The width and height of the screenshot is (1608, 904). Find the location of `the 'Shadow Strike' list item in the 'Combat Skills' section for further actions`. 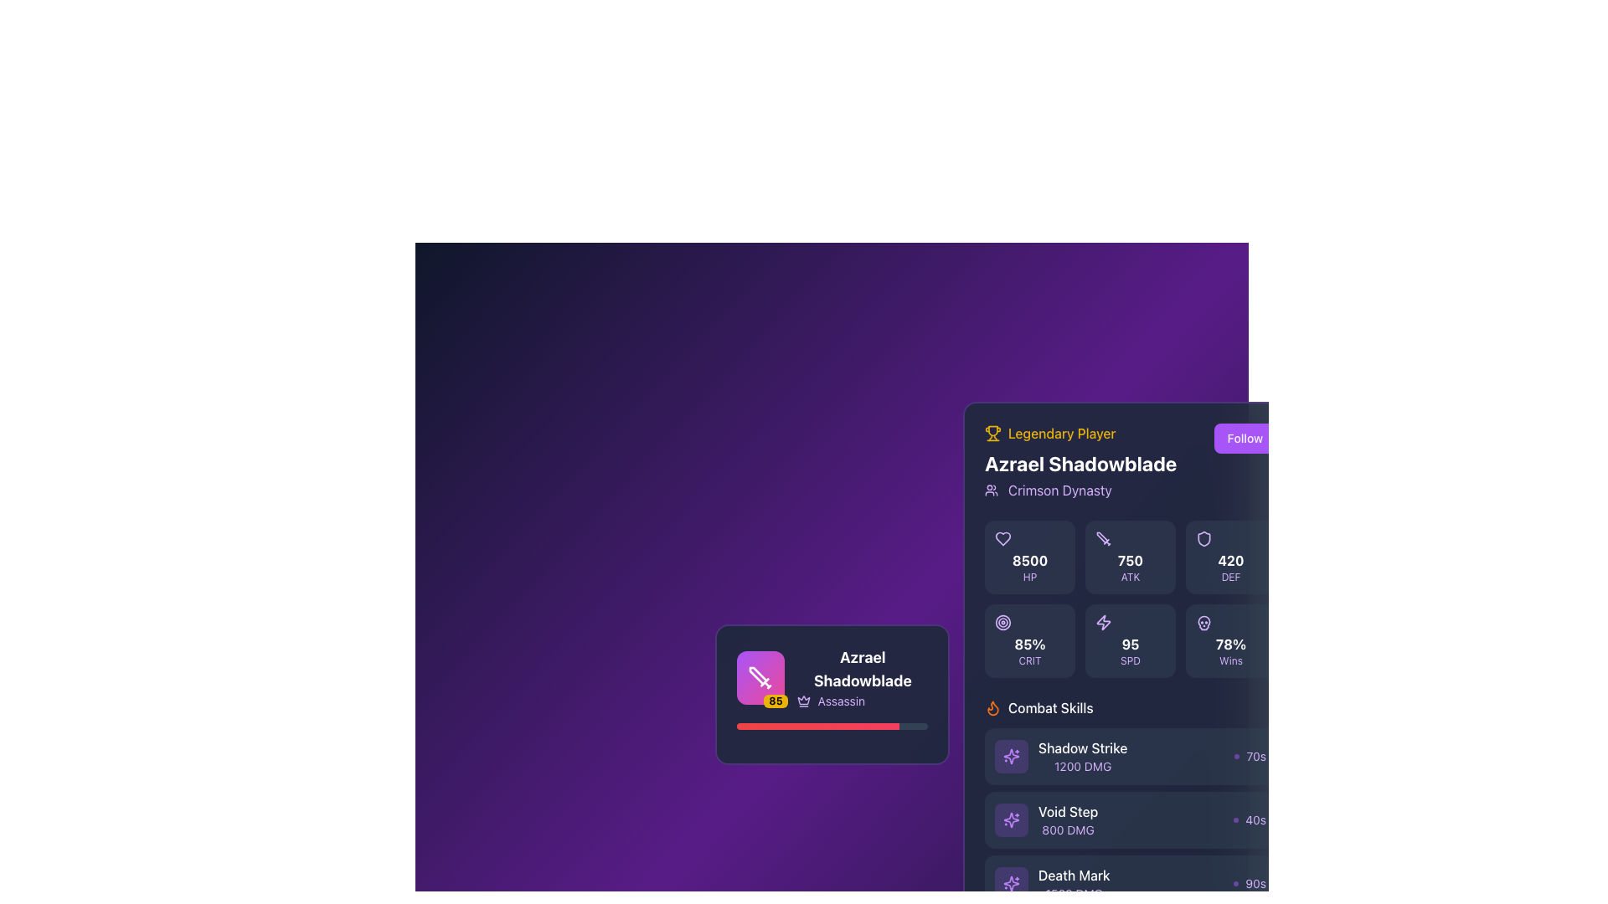

the 'Shadow Strike' list item in the 'Combat Skills' section for further actions is located at coordinates (1059, 756).